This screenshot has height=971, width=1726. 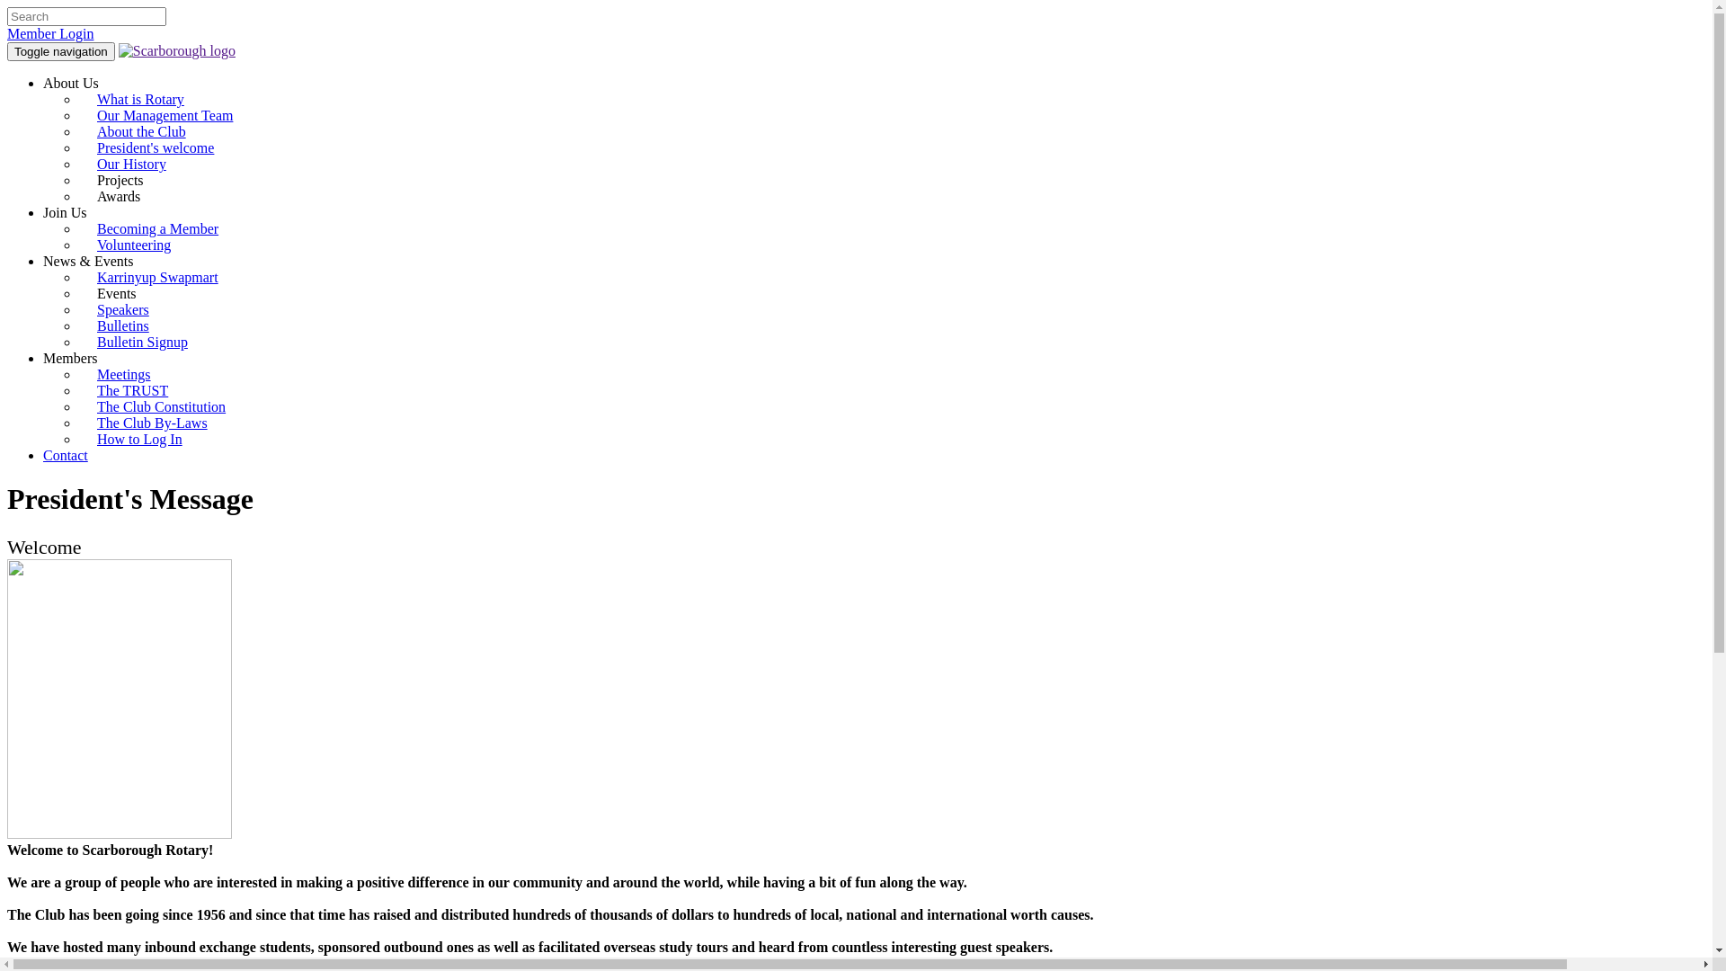 I want to click on 'Members', so click(x=69, y=358).